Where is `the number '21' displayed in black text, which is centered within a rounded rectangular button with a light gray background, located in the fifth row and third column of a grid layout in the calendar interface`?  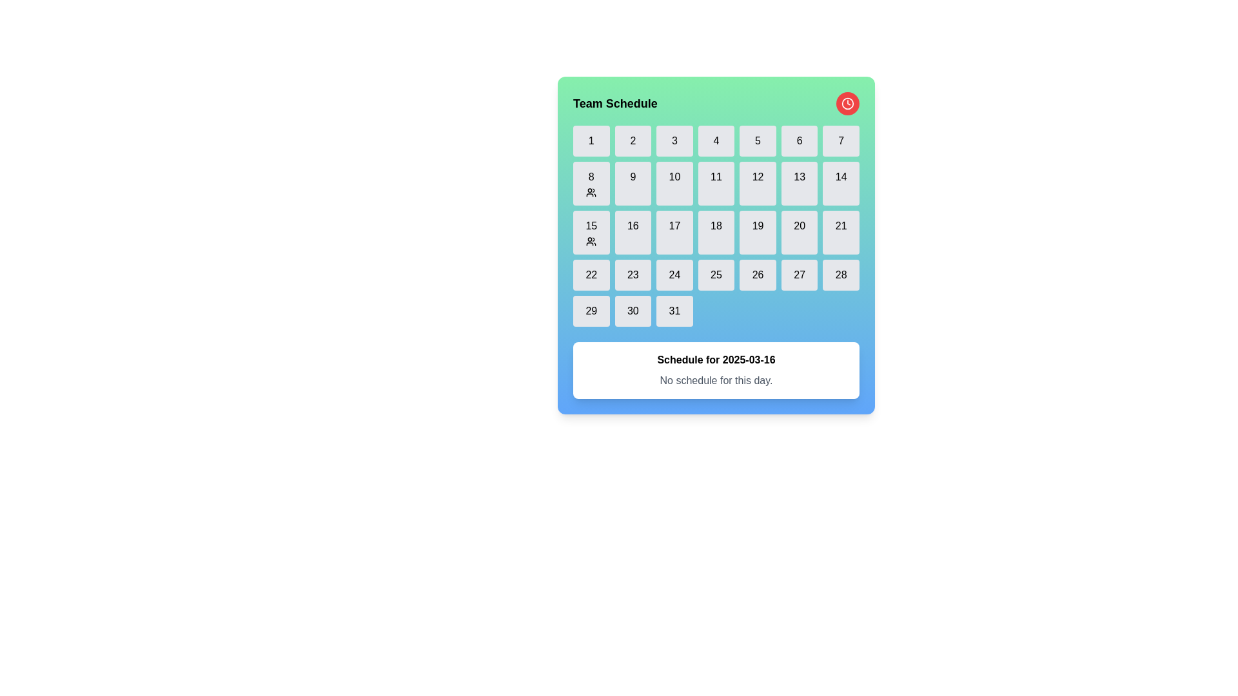
the number '21' displayed in black text, which is centered within a rounded rectangular button with a light gray background, located in the fifth row and third column of a grid layout in the calendar interface is located at coordinates (841, 226).